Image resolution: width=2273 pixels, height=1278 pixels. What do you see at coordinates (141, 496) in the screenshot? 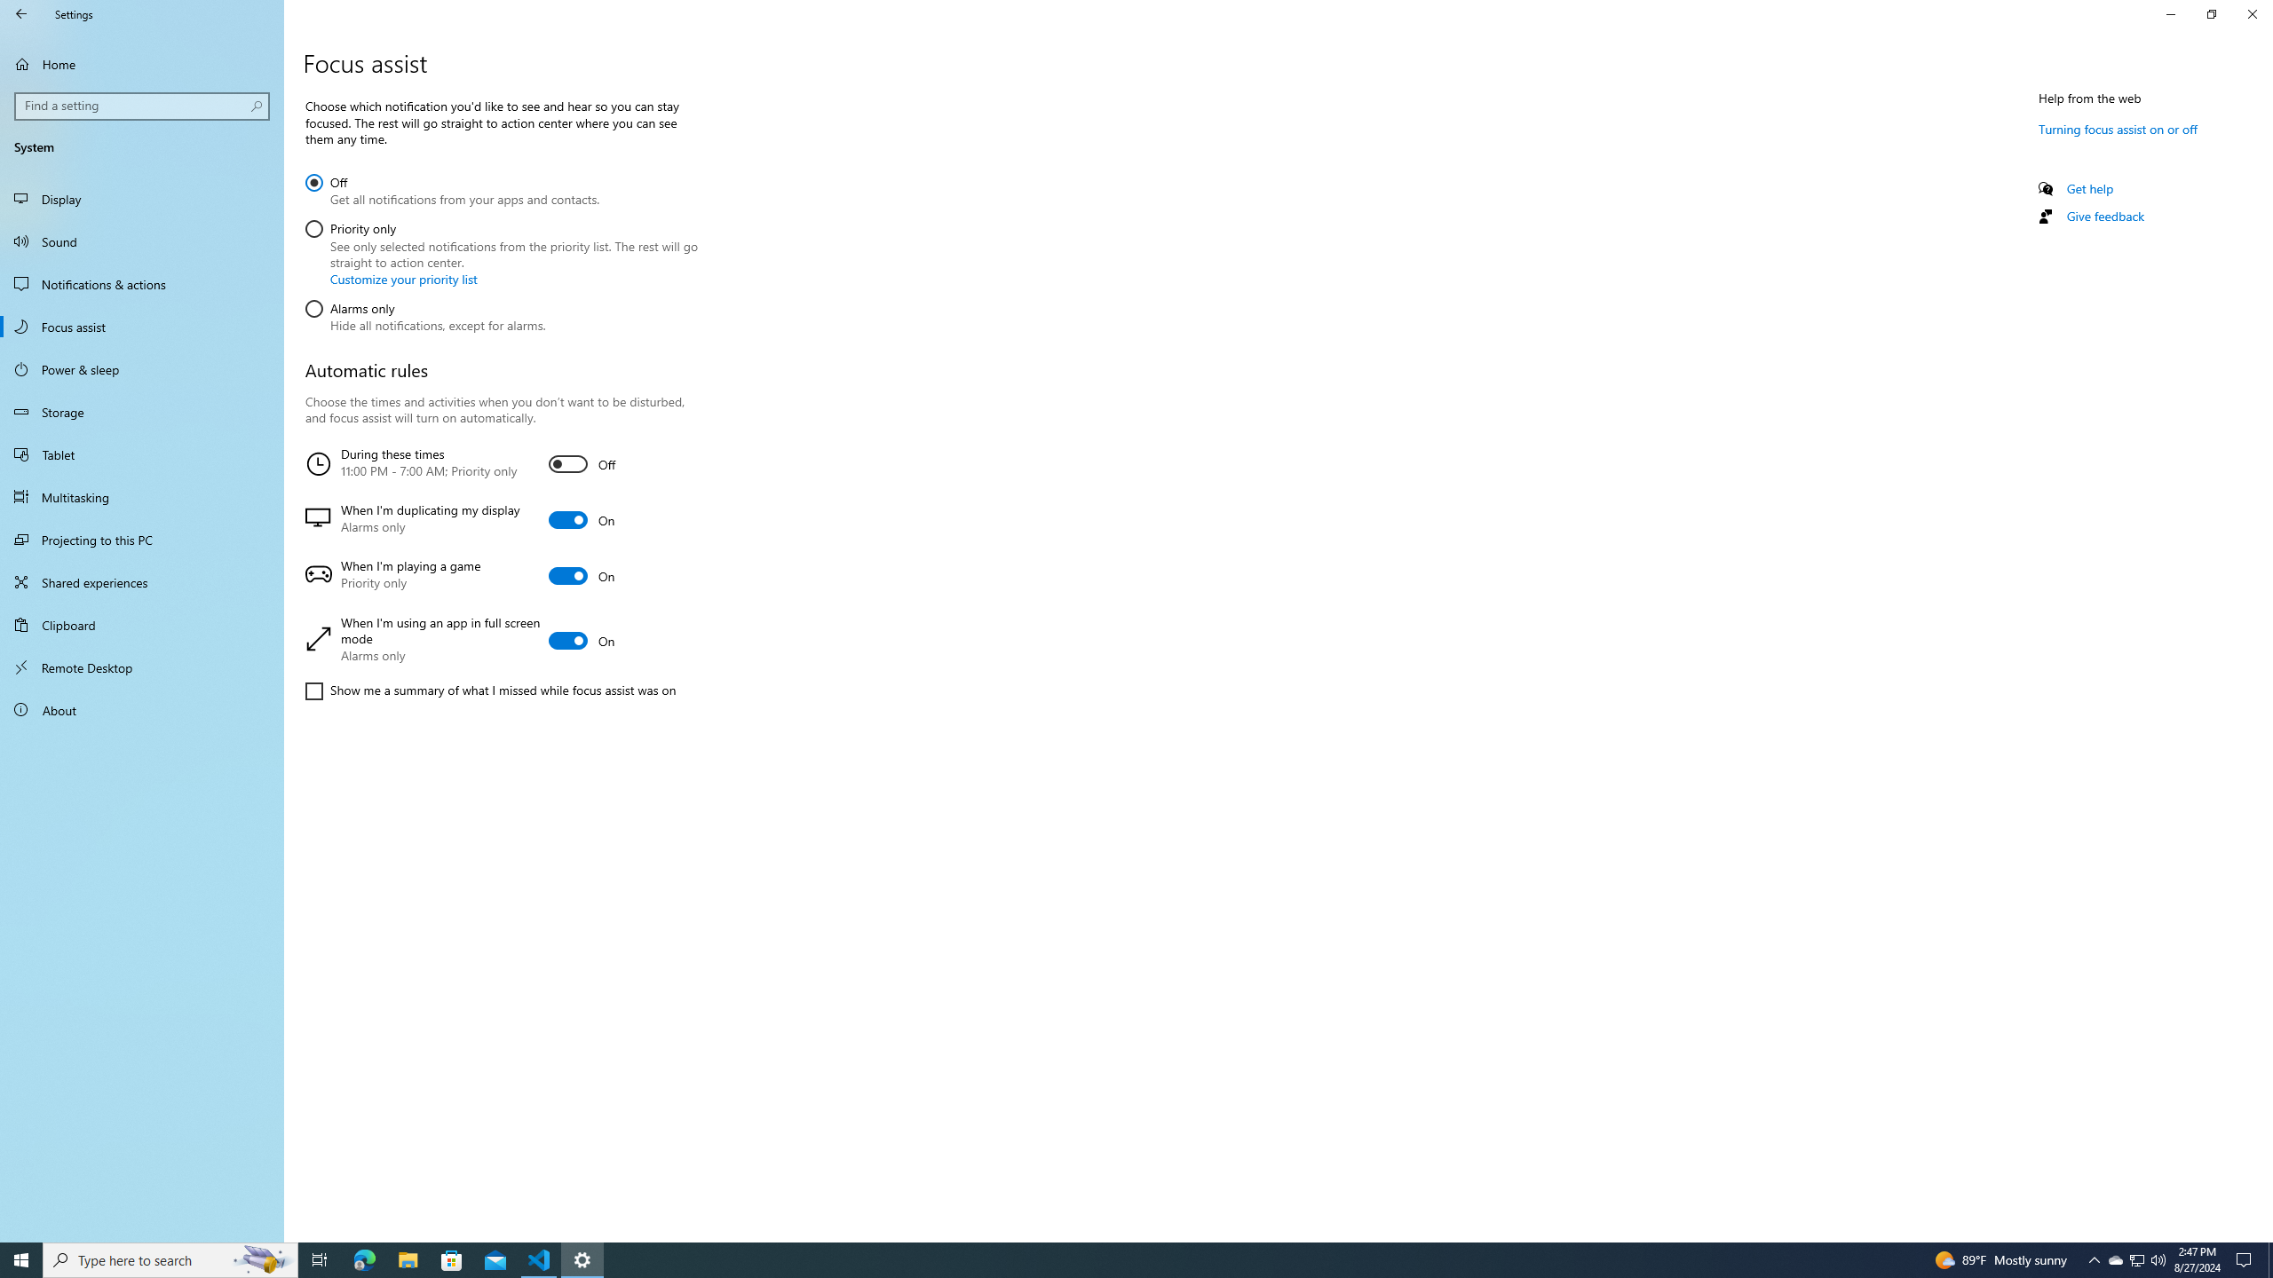
I see `'Multitasking'` at bounding box center [141, 496].